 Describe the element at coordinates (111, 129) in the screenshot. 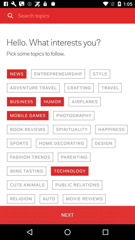

I see `happiness icon` at that location.